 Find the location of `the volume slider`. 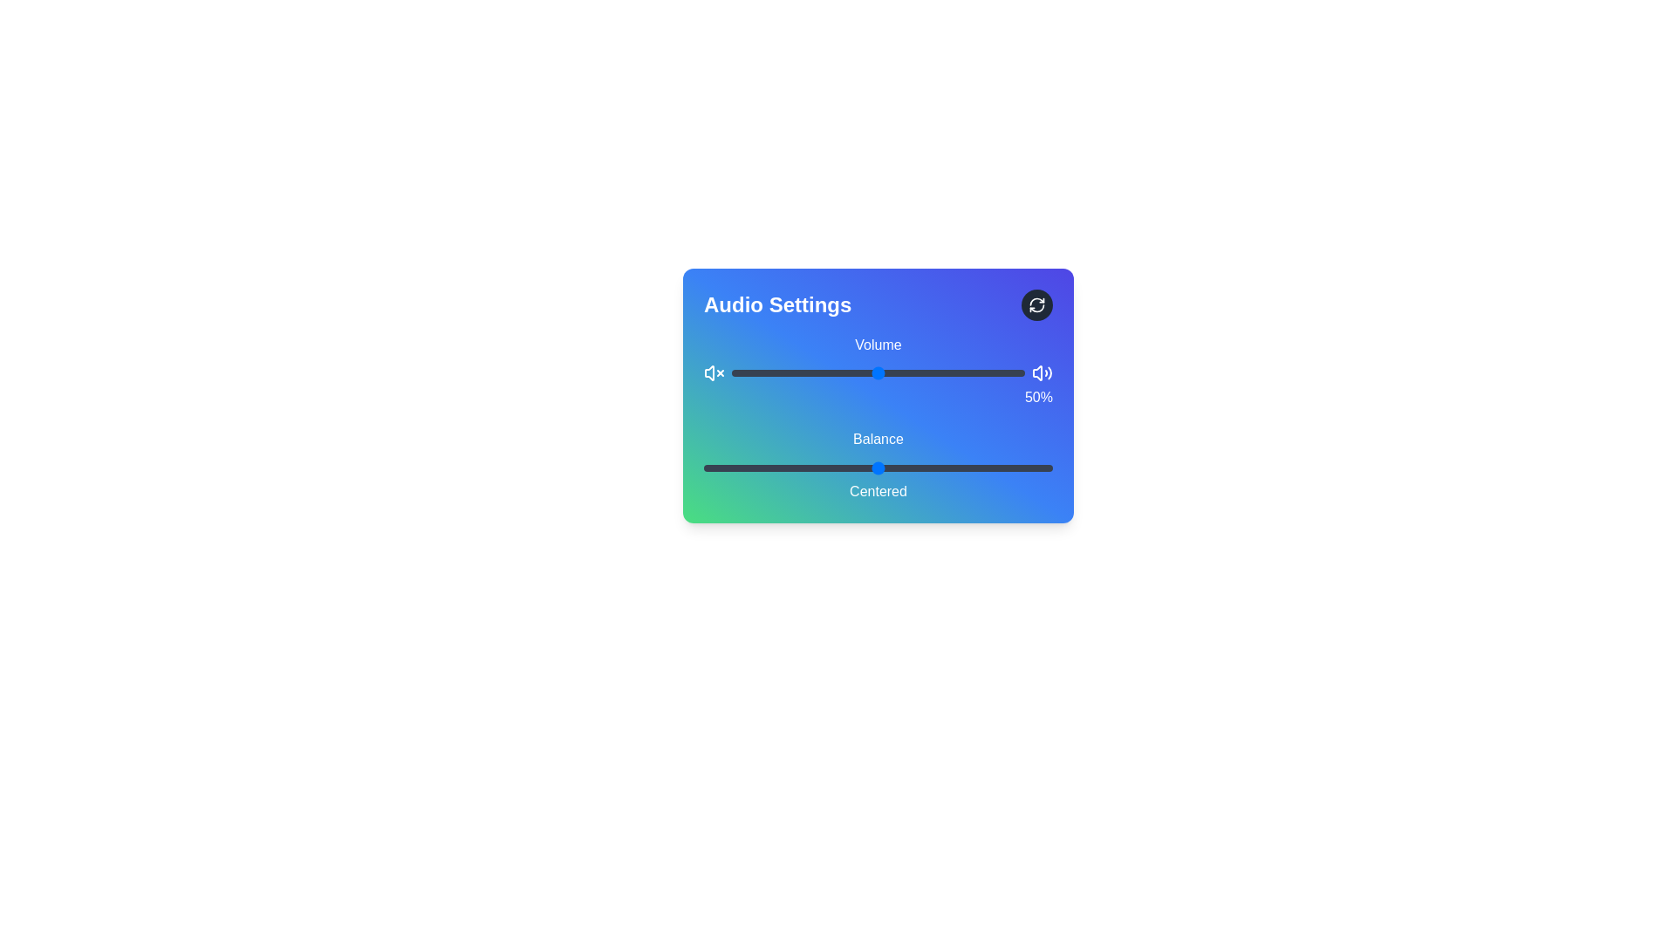

the volume slider is located at coordinates (968, 372).